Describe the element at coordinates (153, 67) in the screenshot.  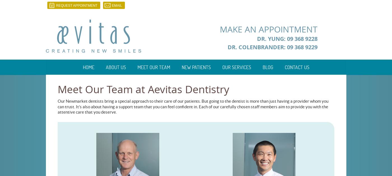
I see `'Meet Our Team'` at that location.